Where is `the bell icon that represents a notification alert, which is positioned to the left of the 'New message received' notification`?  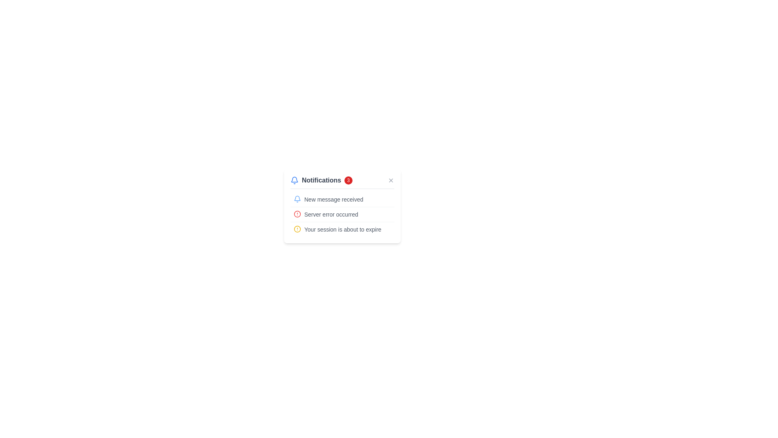
the bell icon that represents a notification alert, which is positioned to the left of the 'New message received' notification is located at coordinates (297, 199).